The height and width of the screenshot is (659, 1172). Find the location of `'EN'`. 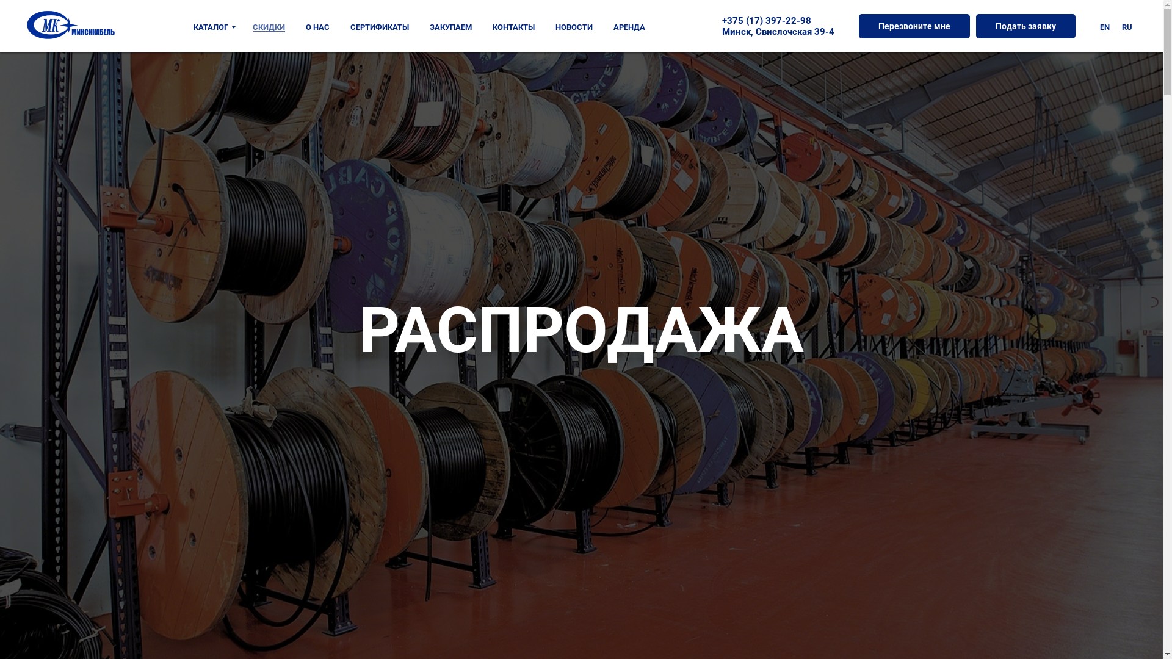

'EN' is located at coordinates (1104, 27).